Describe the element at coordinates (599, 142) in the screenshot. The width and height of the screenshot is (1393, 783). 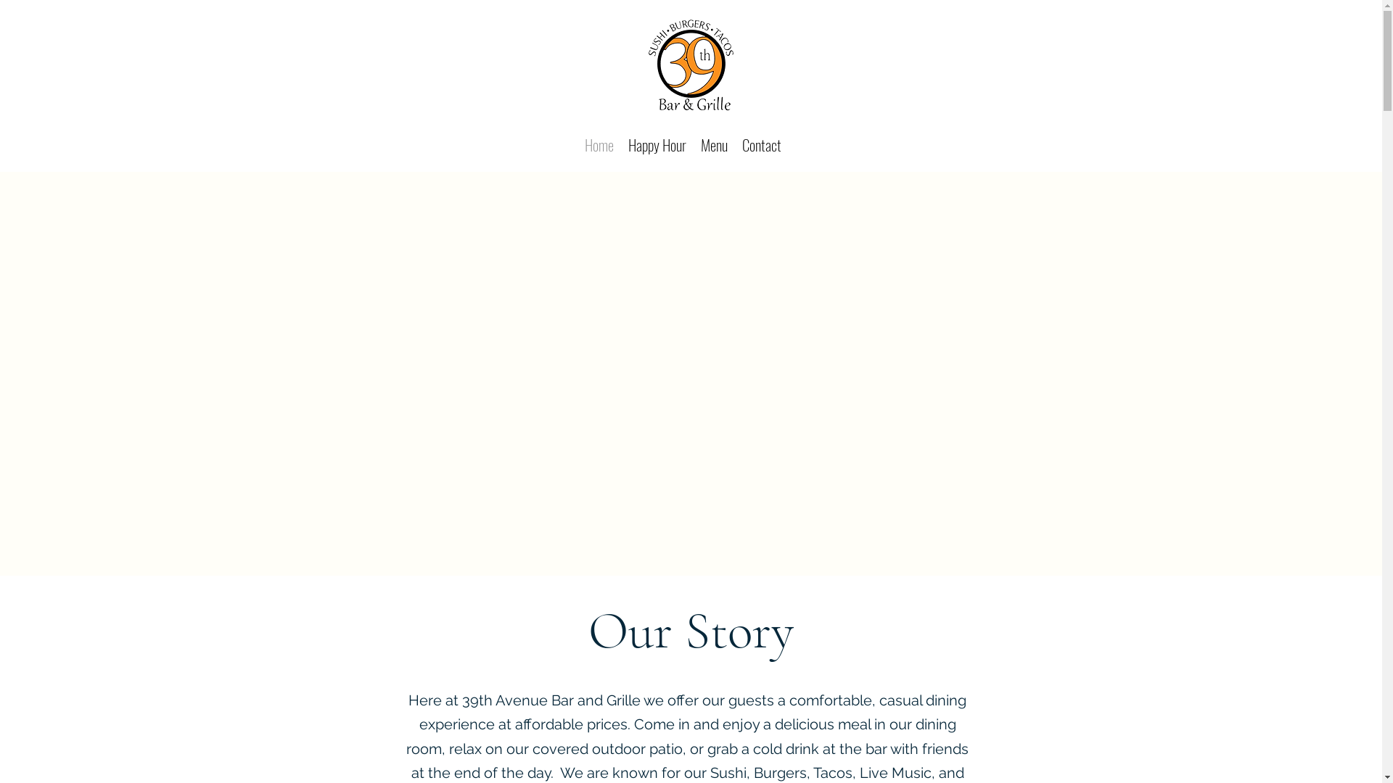
I see `'Home'` at that location.